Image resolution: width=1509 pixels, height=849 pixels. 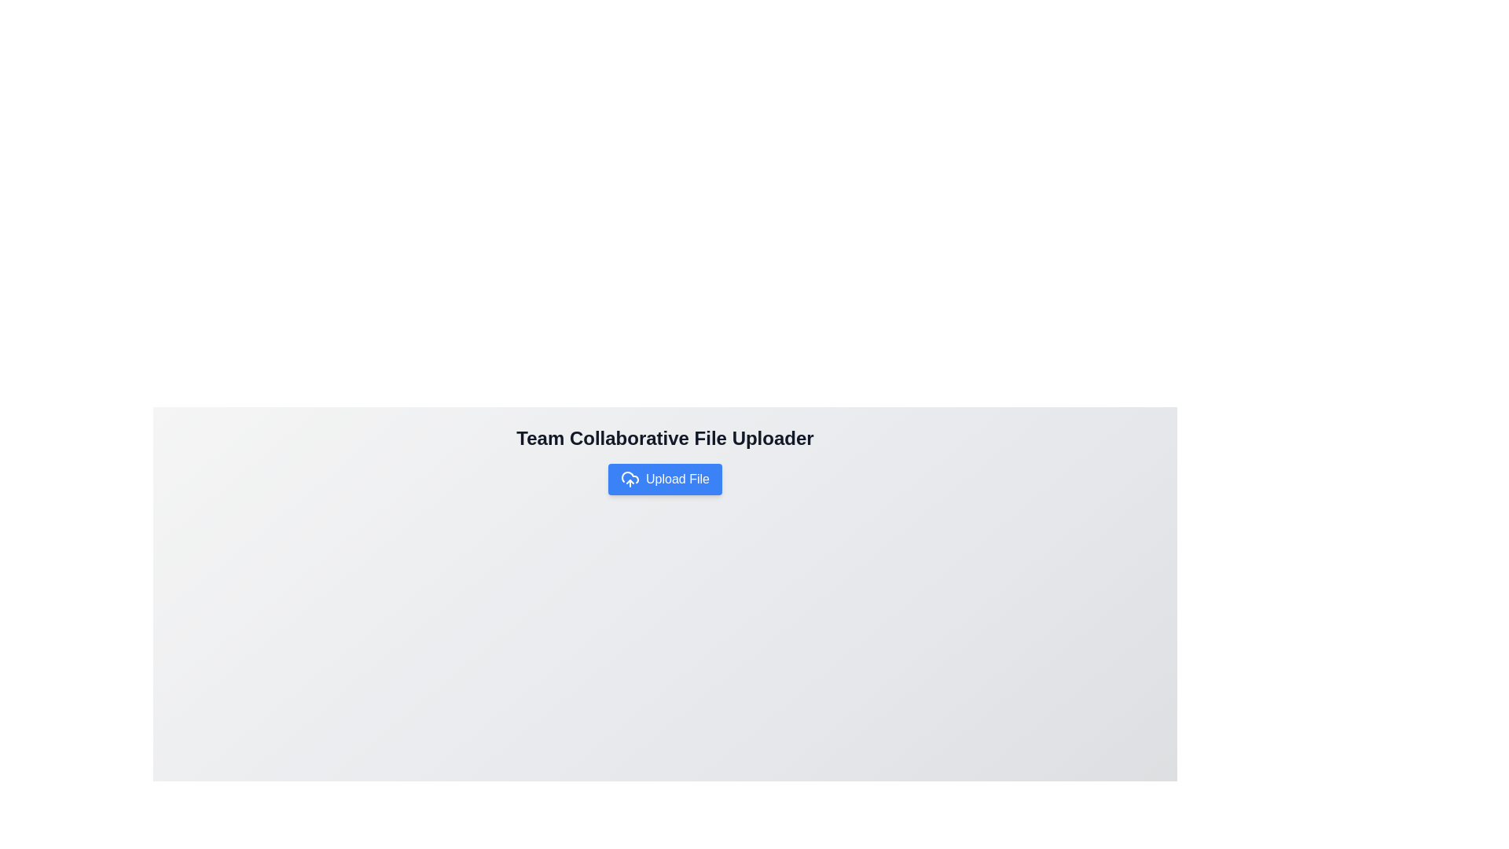 What do you see at coordinates (665, 439) in the screenshot?
I see `the text-based header component that serves as the title for the page, which is located slightly above the 'Upload File' button` at bounding box center [665, 439].